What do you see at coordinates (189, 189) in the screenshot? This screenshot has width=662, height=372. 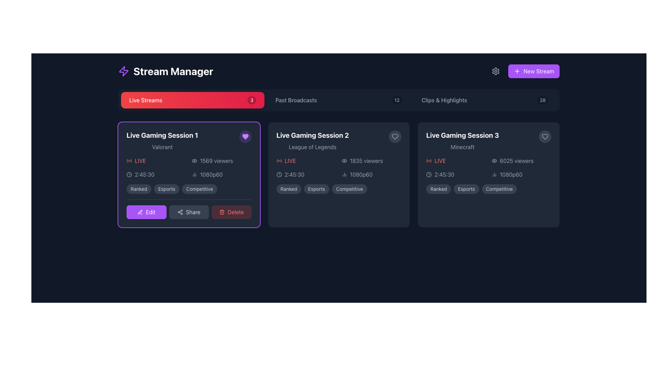 I see `the group of selectable or non-interactive tags for filtering or identification located below the title of 'Live Gaming Session 1'` at bounding box center [189, 189].